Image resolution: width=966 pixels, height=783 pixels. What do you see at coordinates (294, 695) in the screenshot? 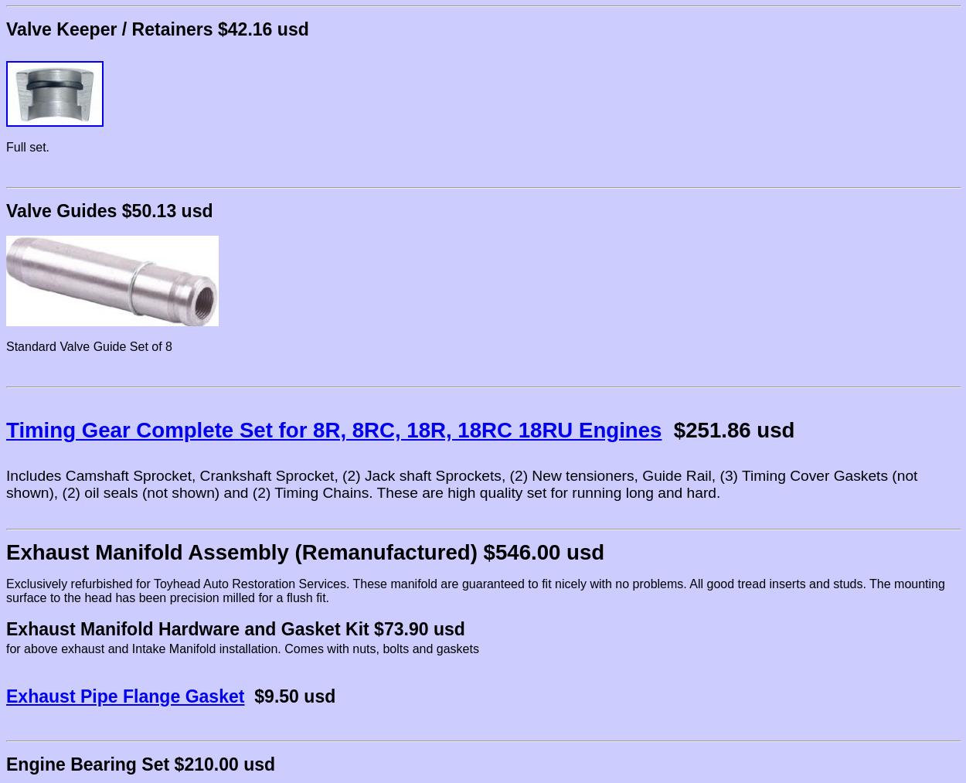
I see `'$9.50







                usd'` at bounding box center [294, 695].